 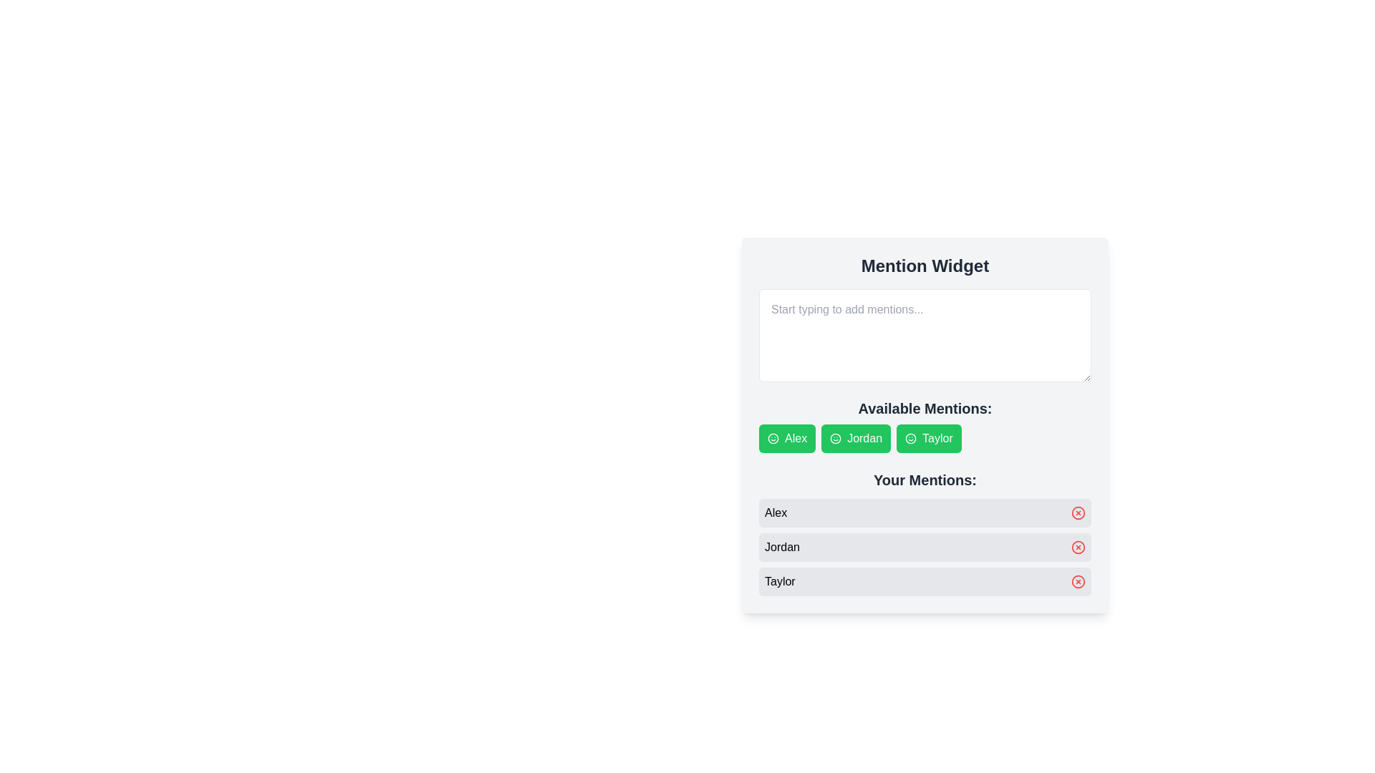 I want to click on the 'Available Mention' button for 'Taylor', so click(x=925, y=424).